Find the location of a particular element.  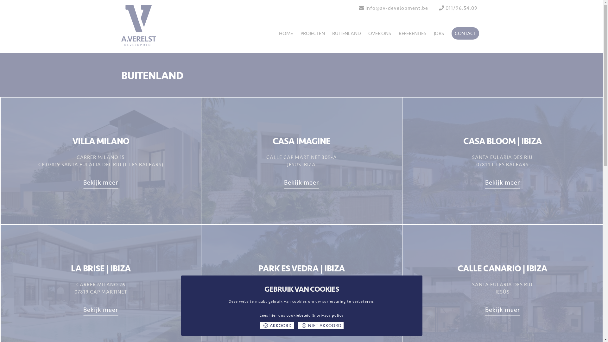

'CONTACT' is located at coordinates (451, 33).